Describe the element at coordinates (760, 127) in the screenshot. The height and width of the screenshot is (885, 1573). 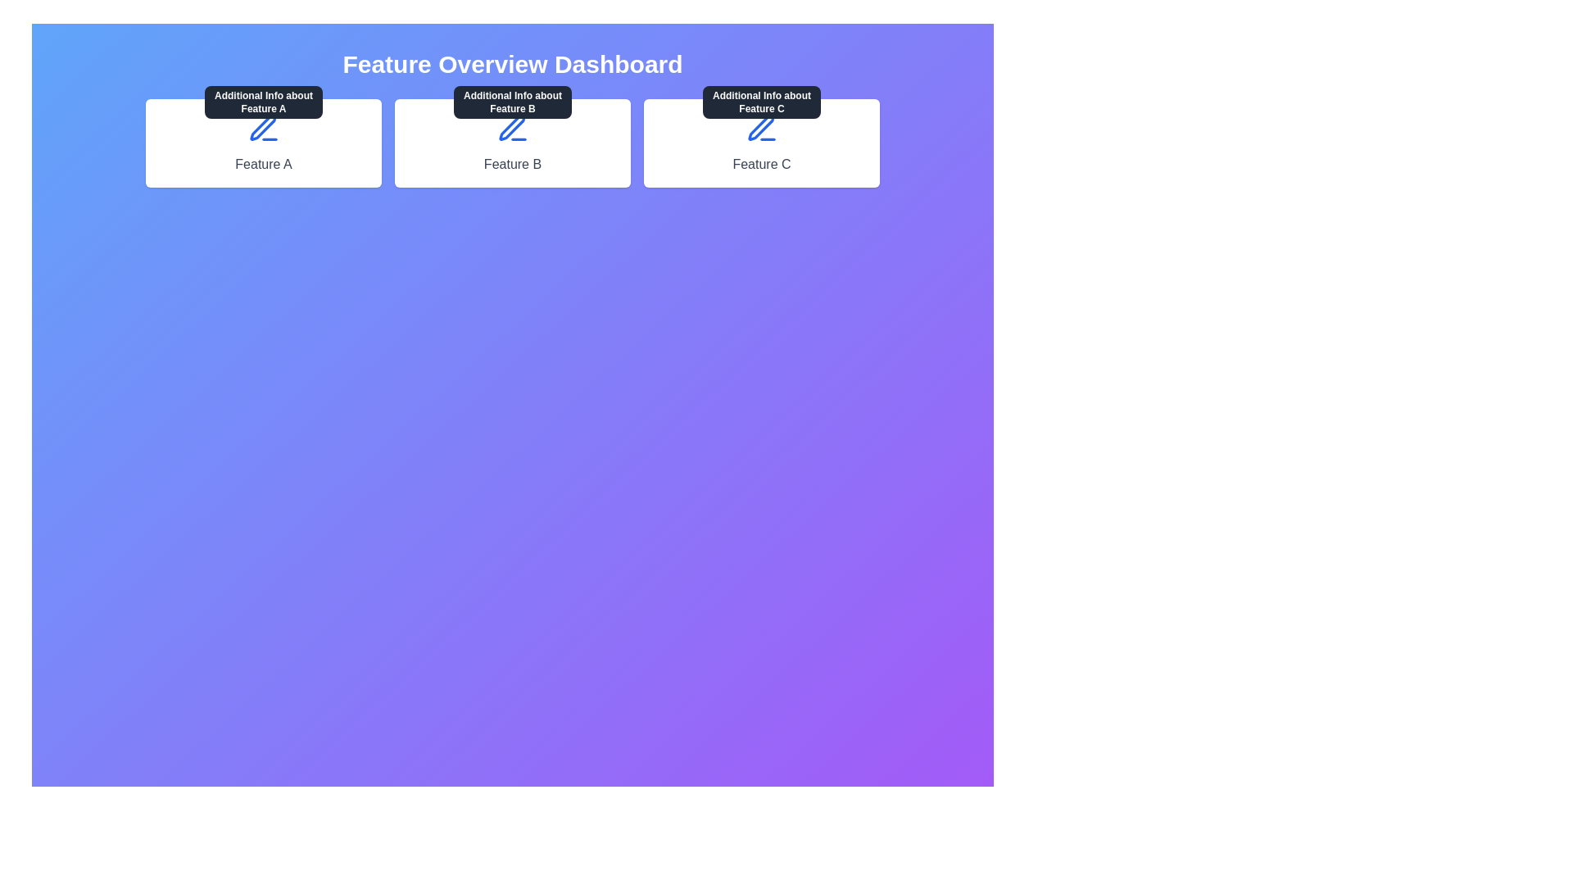
I see `the editing icon located in the third card titled 'Feature C', positioned near the top-center of the card, beneath an informational tooltip` at that location.